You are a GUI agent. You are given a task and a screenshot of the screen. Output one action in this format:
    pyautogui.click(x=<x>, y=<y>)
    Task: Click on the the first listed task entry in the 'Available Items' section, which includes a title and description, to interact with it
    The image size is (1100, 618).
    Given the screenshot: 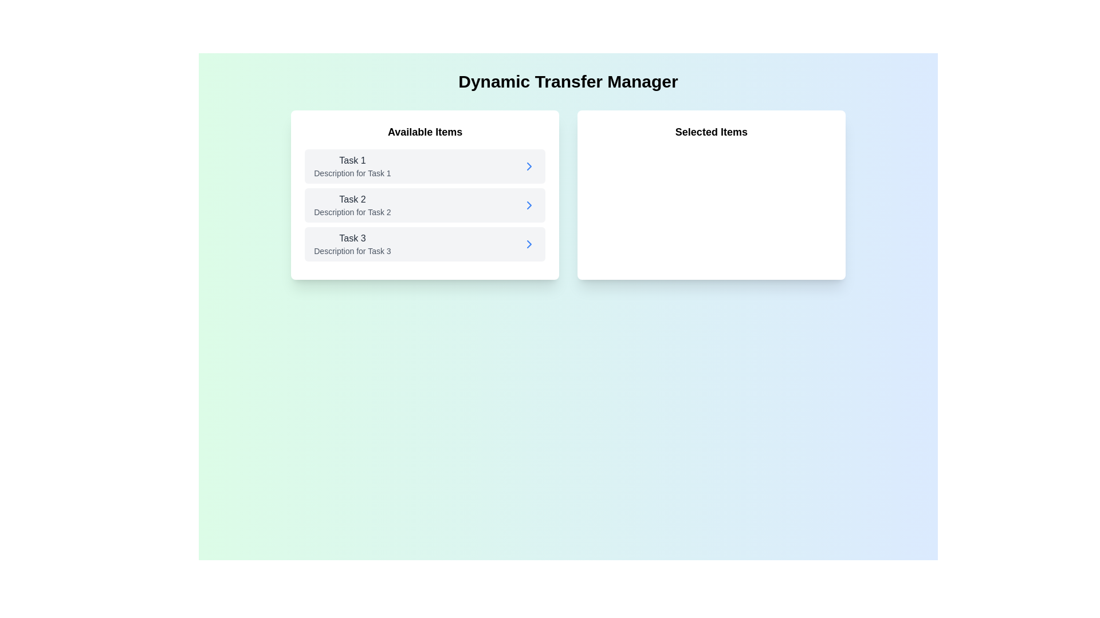 What is the action you would take?
    pyautogui.click(x=352, y=166)
    